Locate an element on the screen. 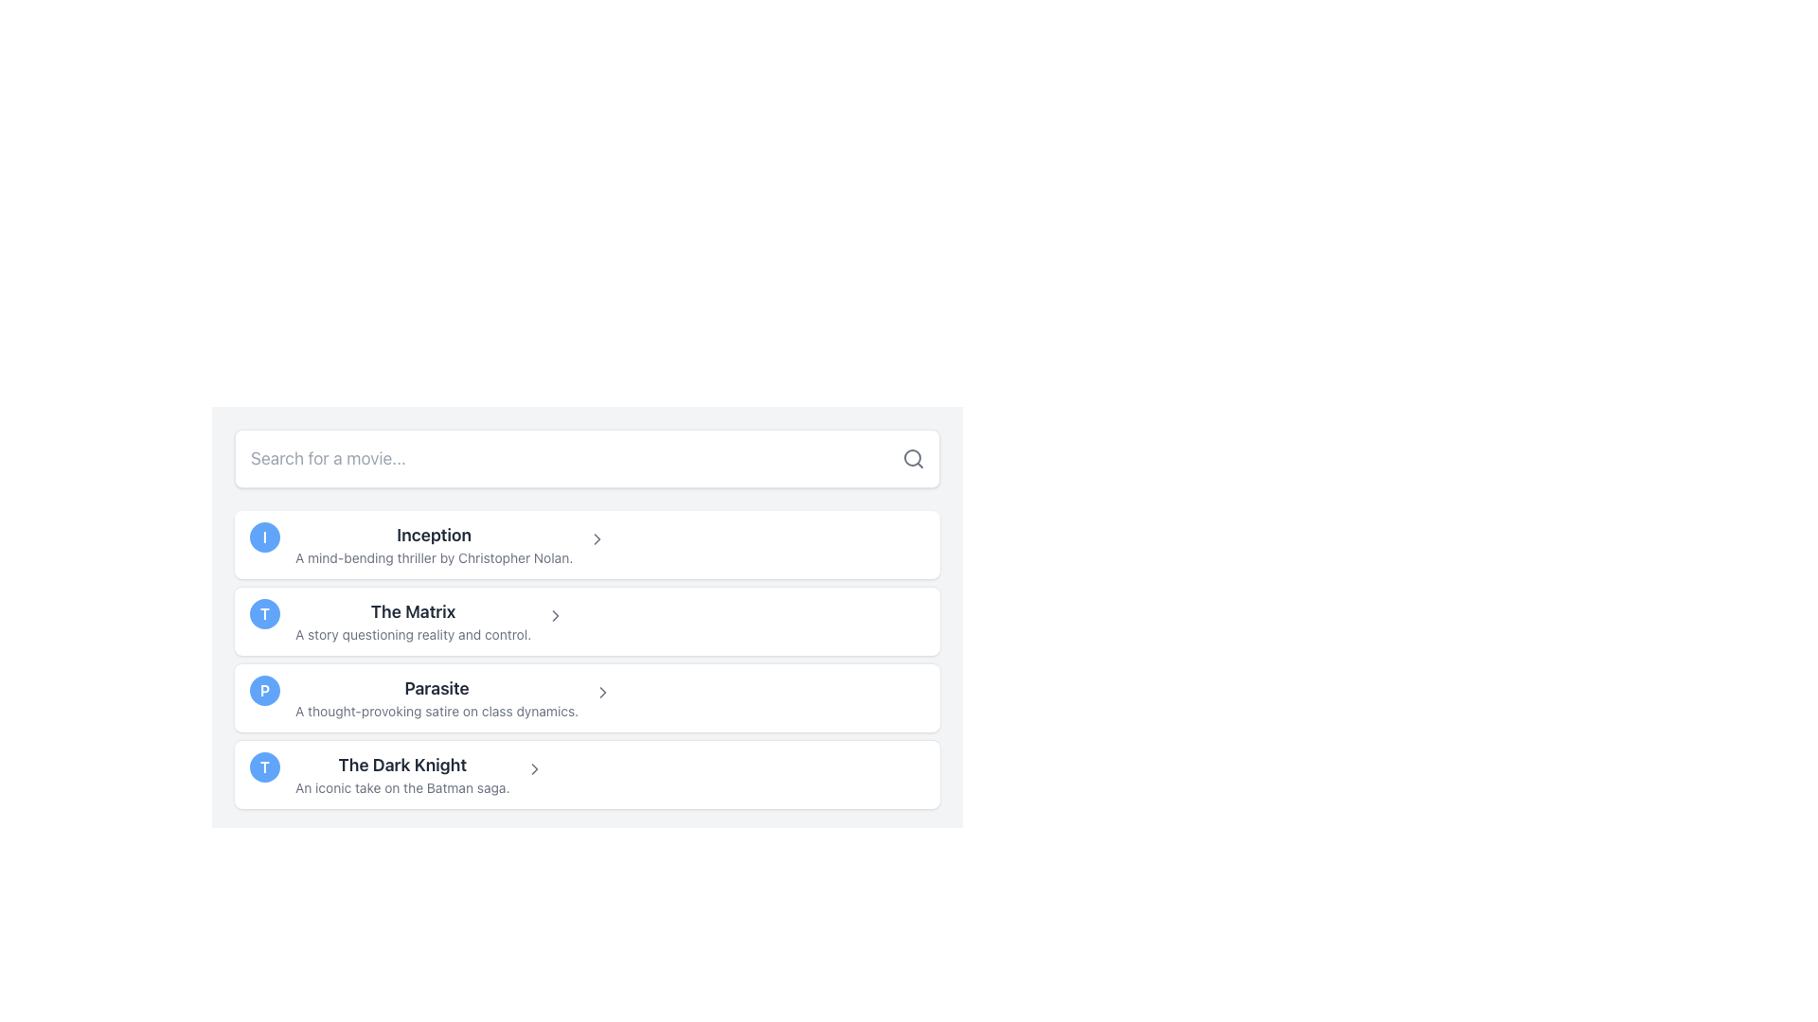 Image resolution: width=1818 pixels, height=1022 pixels. information from the text-based UI component displaying the title 'Parasite' and its description 'A thought-provoking satire on class dynamics.' is located at coordinates (436, 697).